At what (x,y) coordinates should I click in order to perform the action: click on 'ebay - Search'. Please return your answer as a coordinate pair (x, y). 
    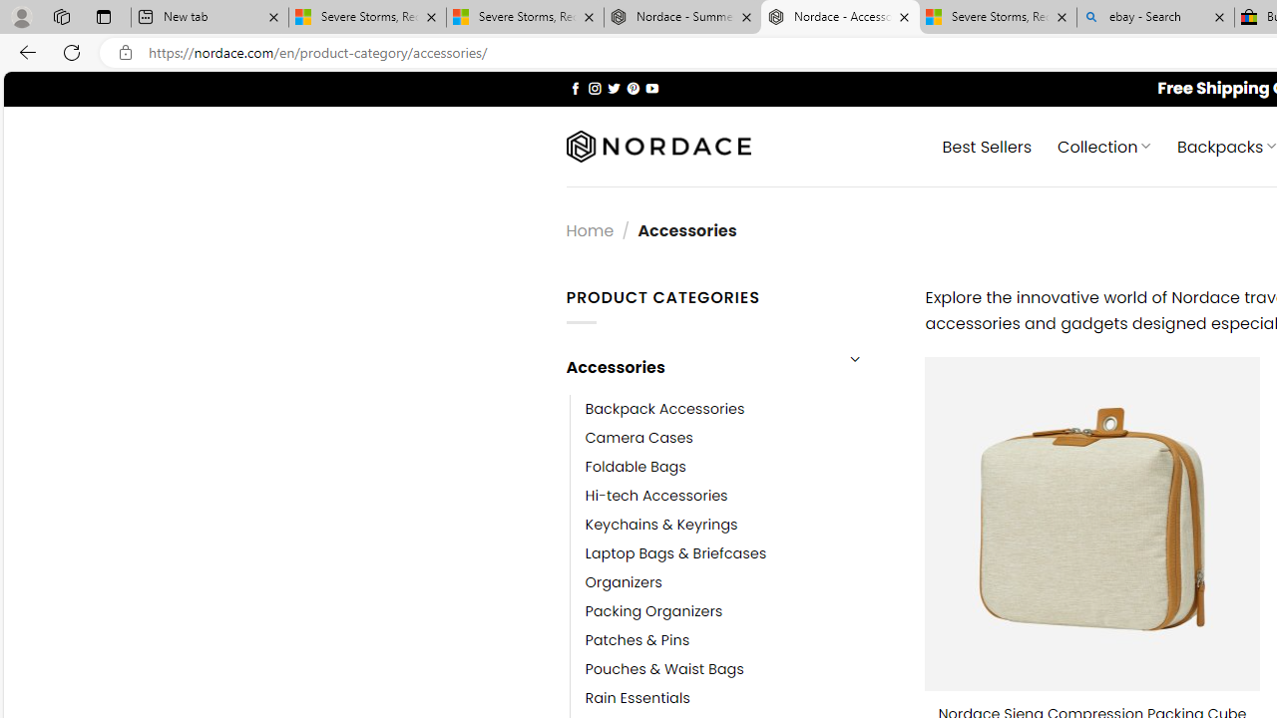
    Looking at the image, I should click on (1155, 17).